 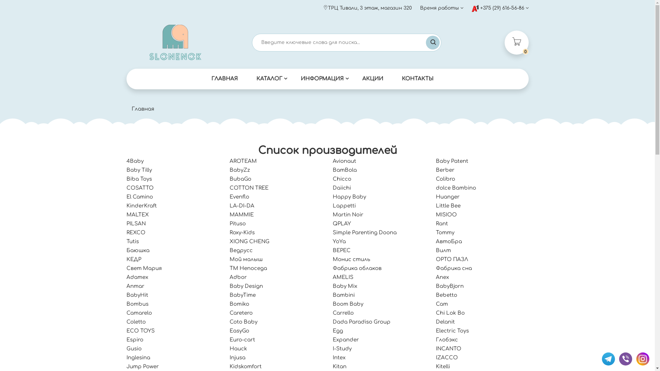 What do you see at coordinates (448, 205) in the screenshot?
I see `'Little Bee'` at bounding box center [448, 205].